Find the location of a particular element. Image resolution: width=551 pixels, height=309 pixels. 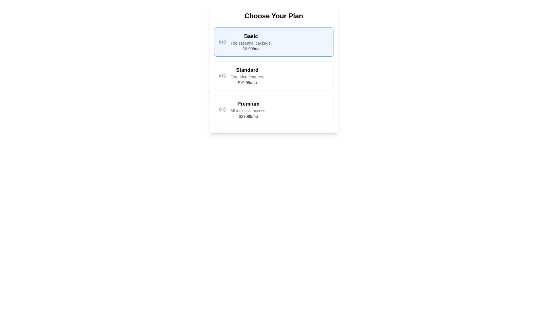

the 'Premium' subscription plan title text label, which visually distinguishes this plan from others in the subscription list is located at coordinates (248, 104).